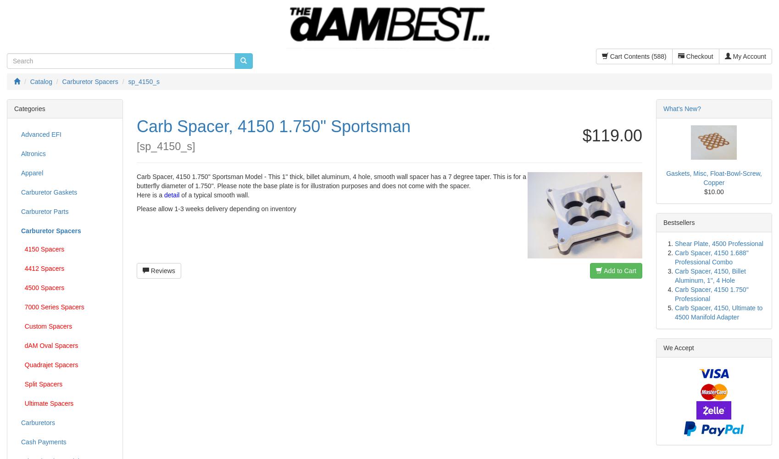  What do you see at coordinates (21, 325) in the screenshot?
I see `'Custom Spacers'` at bounding box center [21, 325].